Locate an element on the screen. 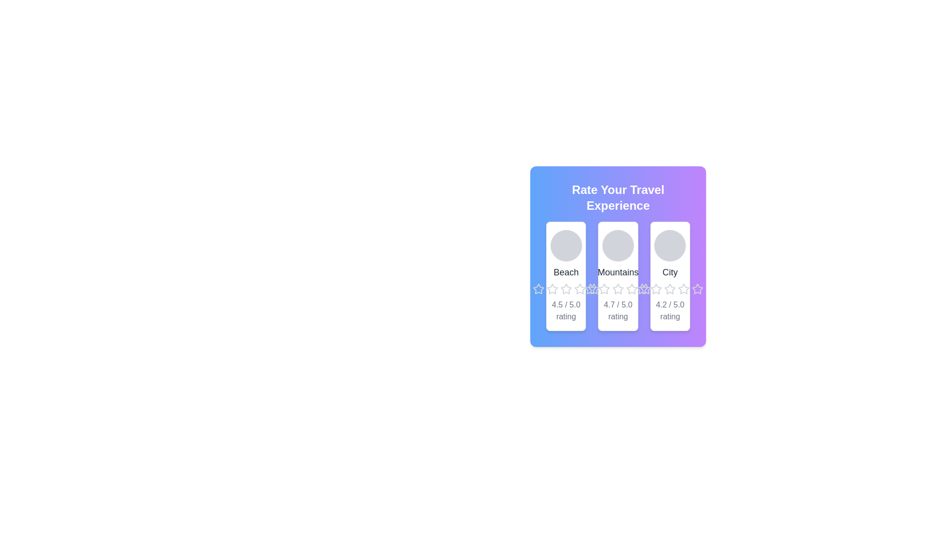 Image resolution: width=948 pixels, height=533 pixels. the fourth star icon in the rating system under the 'Mountains' section is located at coordinates (646, 289).